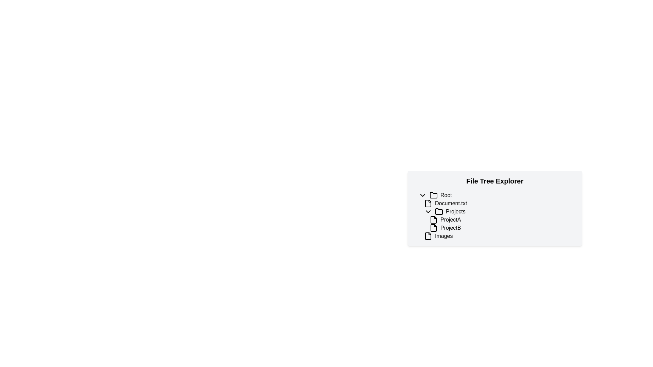 The height and width of the screenshot is (367, 653). Describe the element at coordinates (433, 195) in the screenshot. I see `the folder icon located to the left of the text 'Root' in the file tree` at that location.